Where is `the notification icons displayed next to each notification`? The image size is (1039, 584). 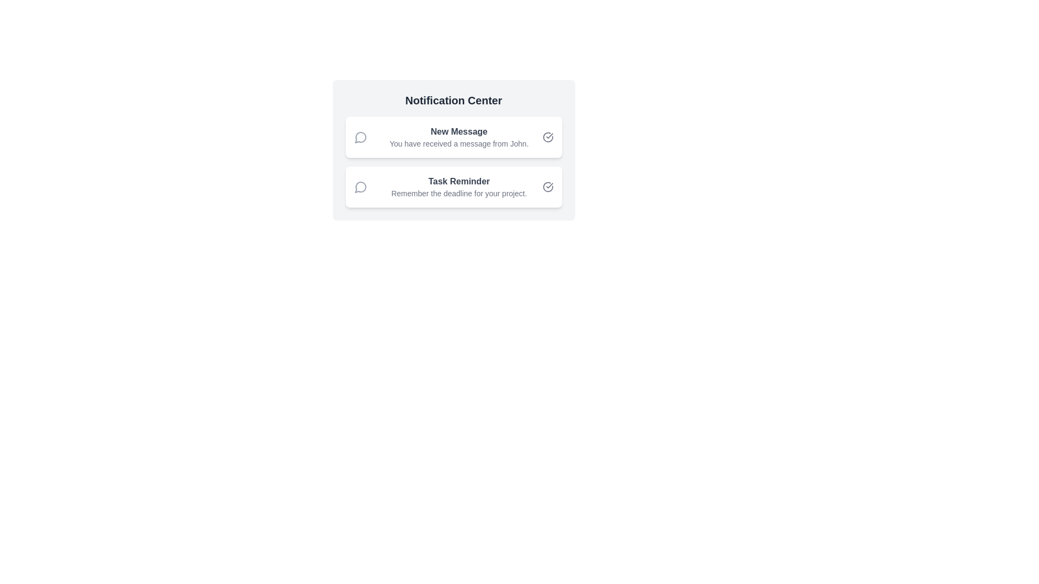
the notification icons displayed next to each notification is located at coordinates (360, 137).